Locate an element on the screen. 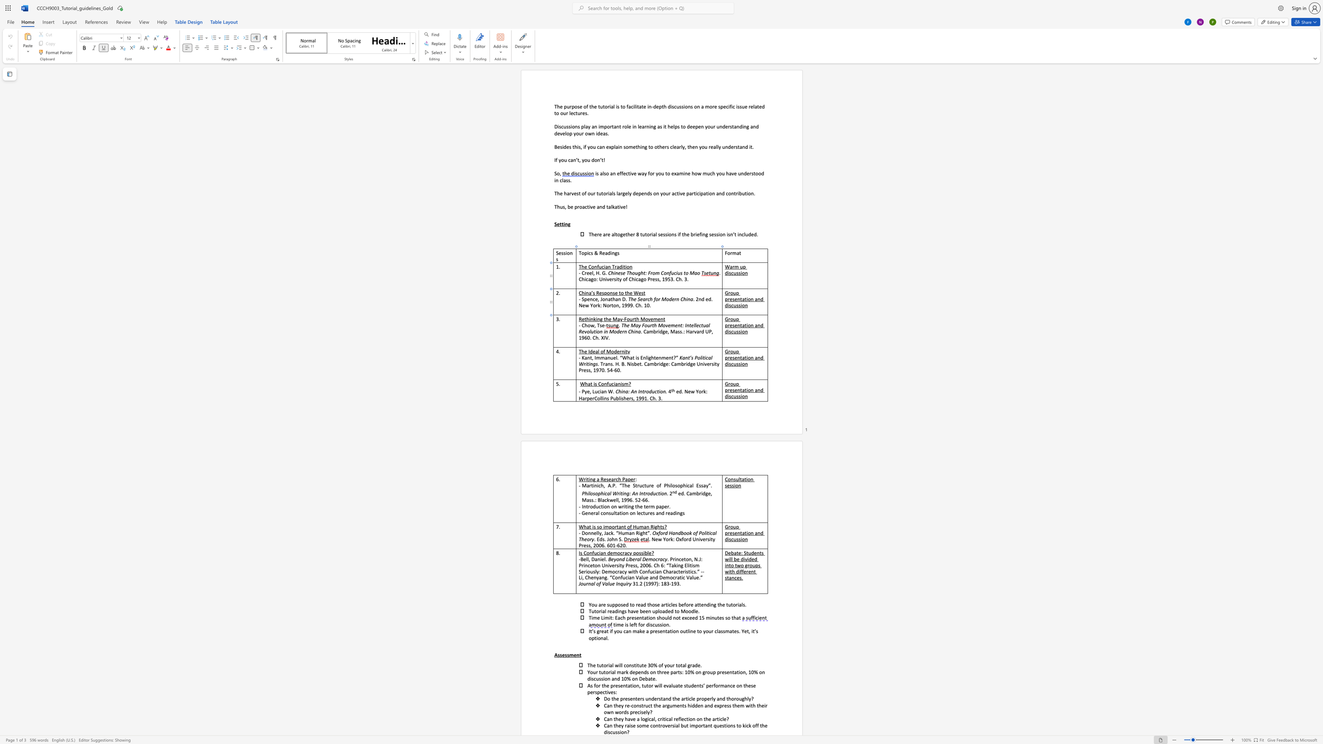 Image resolution: width=1323 pixels, height=744 pixels. the 3th character "e" in the text is located at coordinates (673, 299).